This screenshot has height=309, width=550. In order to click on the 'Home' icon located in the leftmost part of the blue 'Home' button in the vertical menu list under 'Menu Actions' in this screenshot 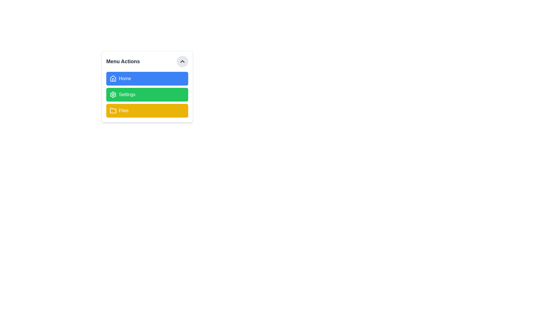, I will do `click(113, 78)`.